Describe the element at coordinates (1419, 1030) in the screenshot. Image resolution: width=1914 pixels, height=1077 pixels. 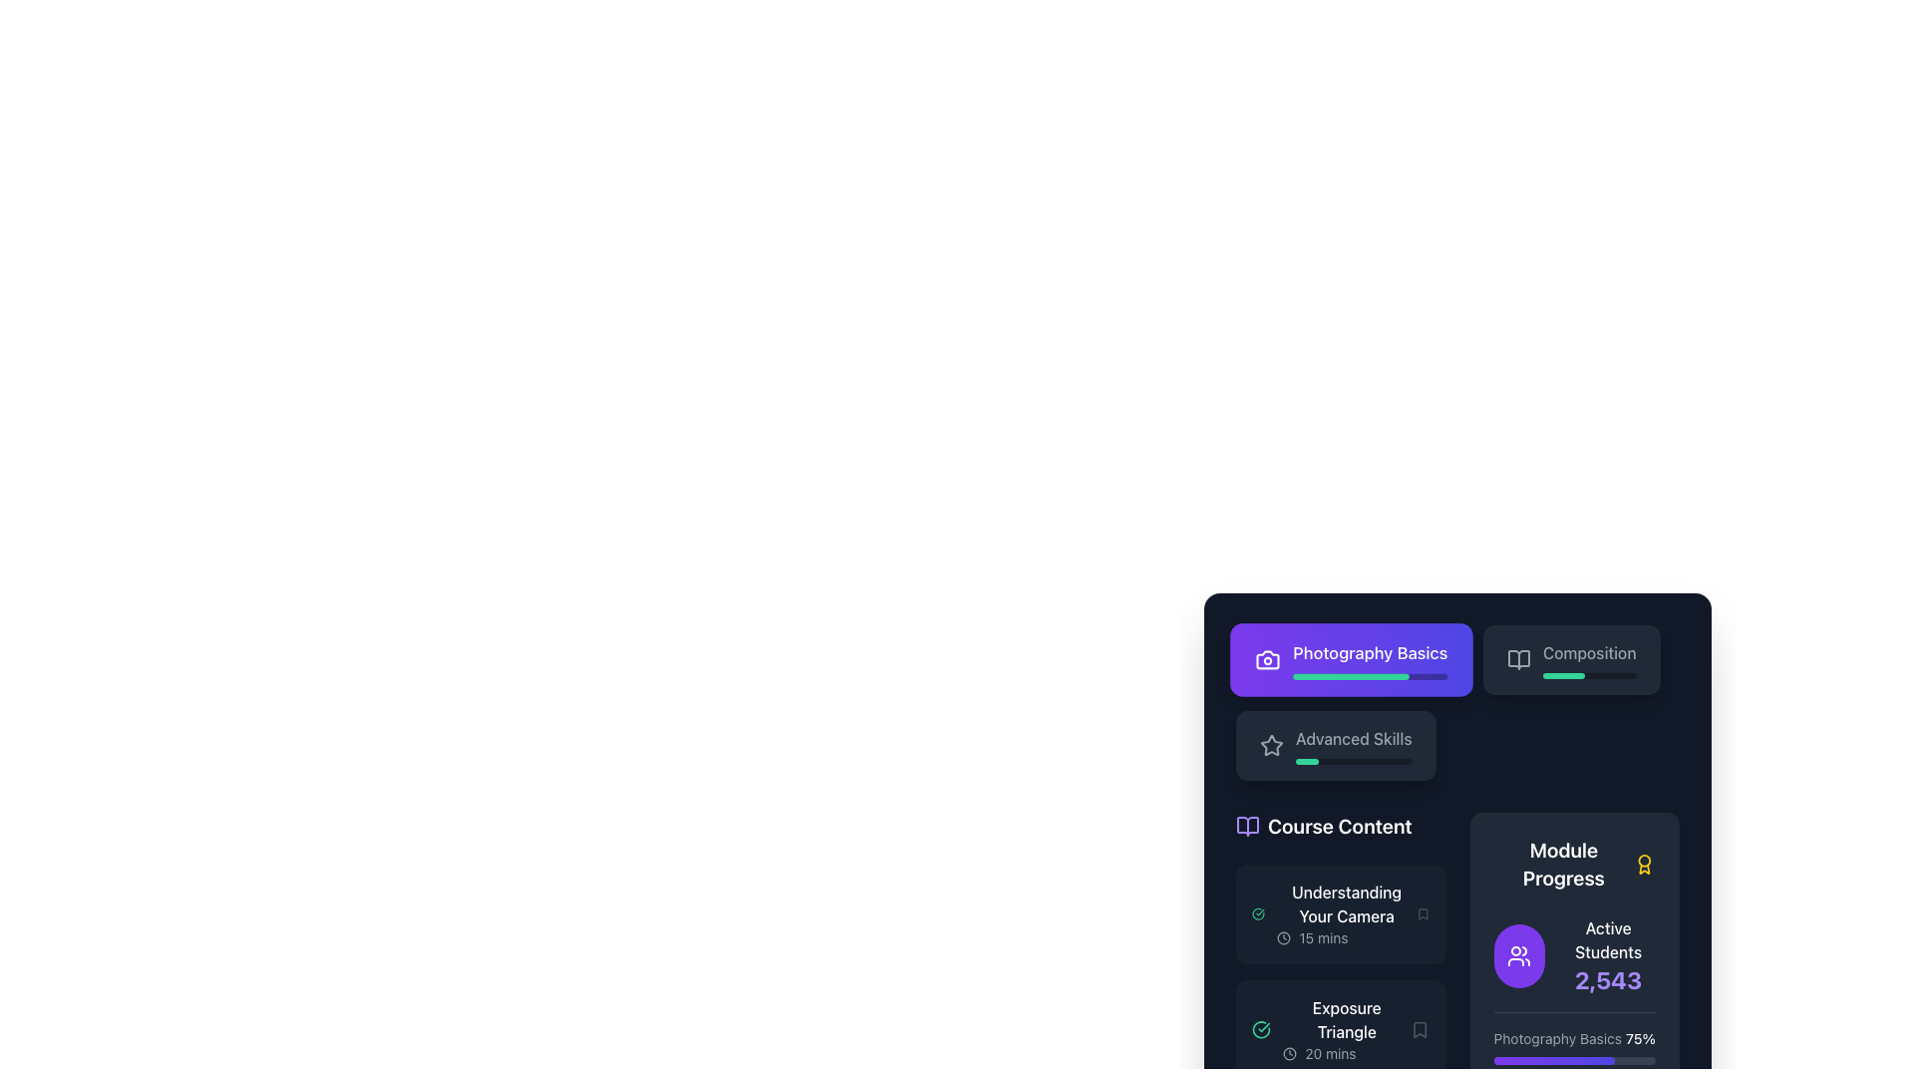
I see `the Bookmark icon located on the right end of the 'Exposure Triangle' list item in the 'Course Content' section` at that location.